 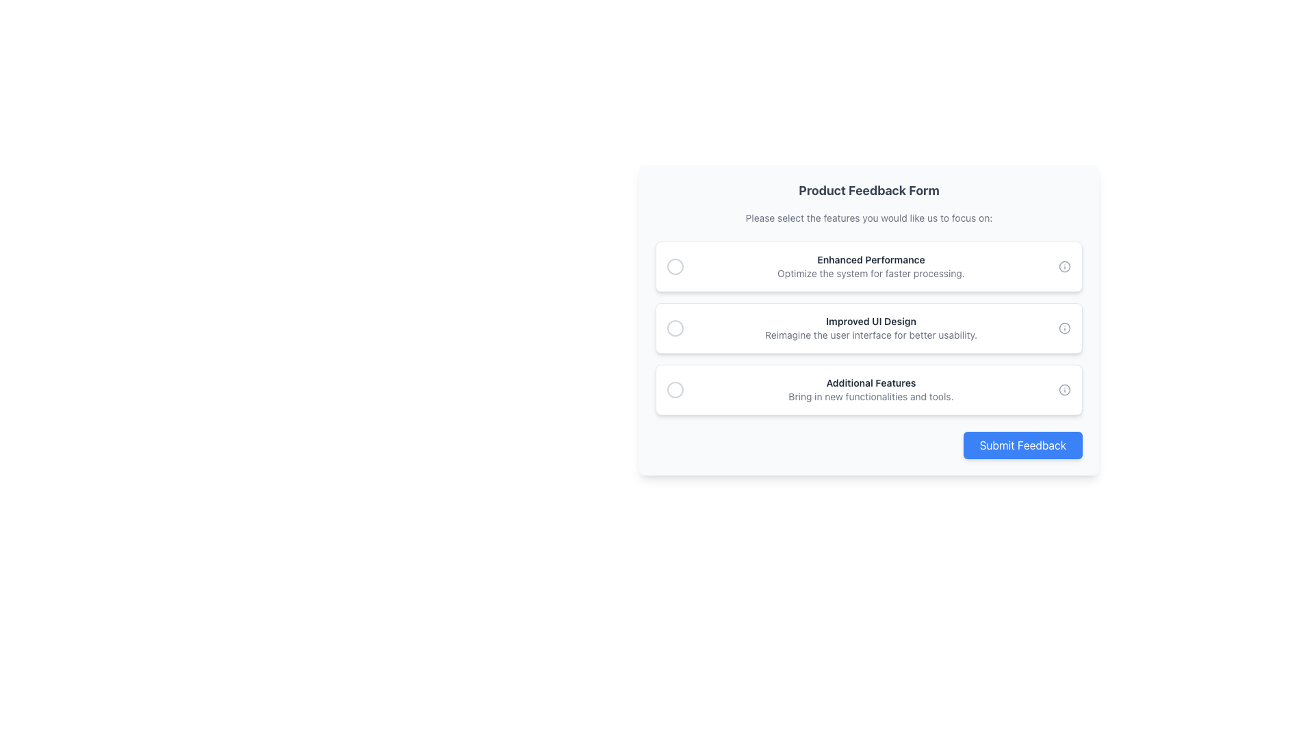 What do you see at coordinates (675, 390) in the screenshot?
I see `the radio button for 'Additional Features'` at bounding box center [675, 390].